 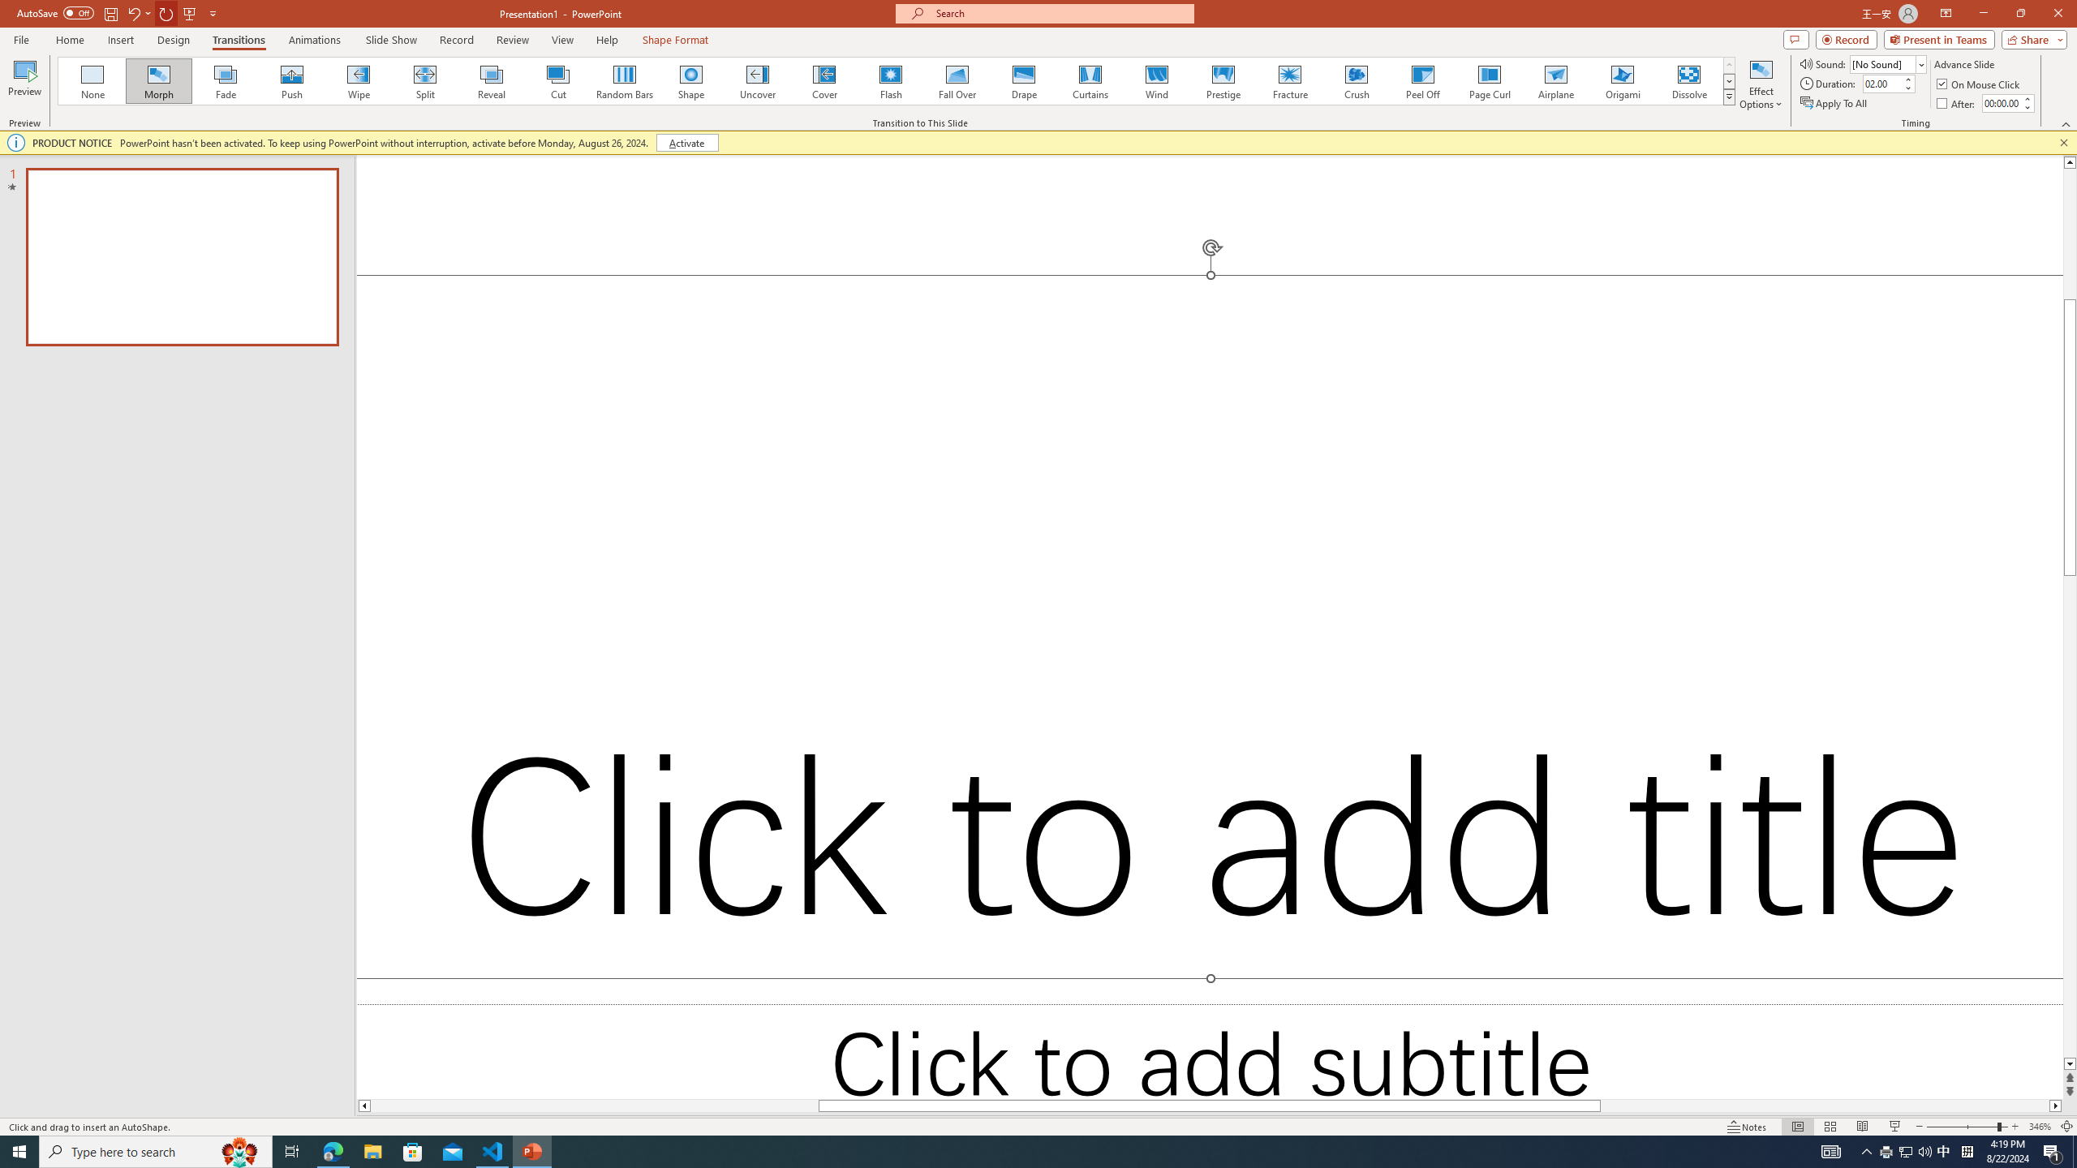 I want to click on 'Crush', so click(x=1356, y=80).